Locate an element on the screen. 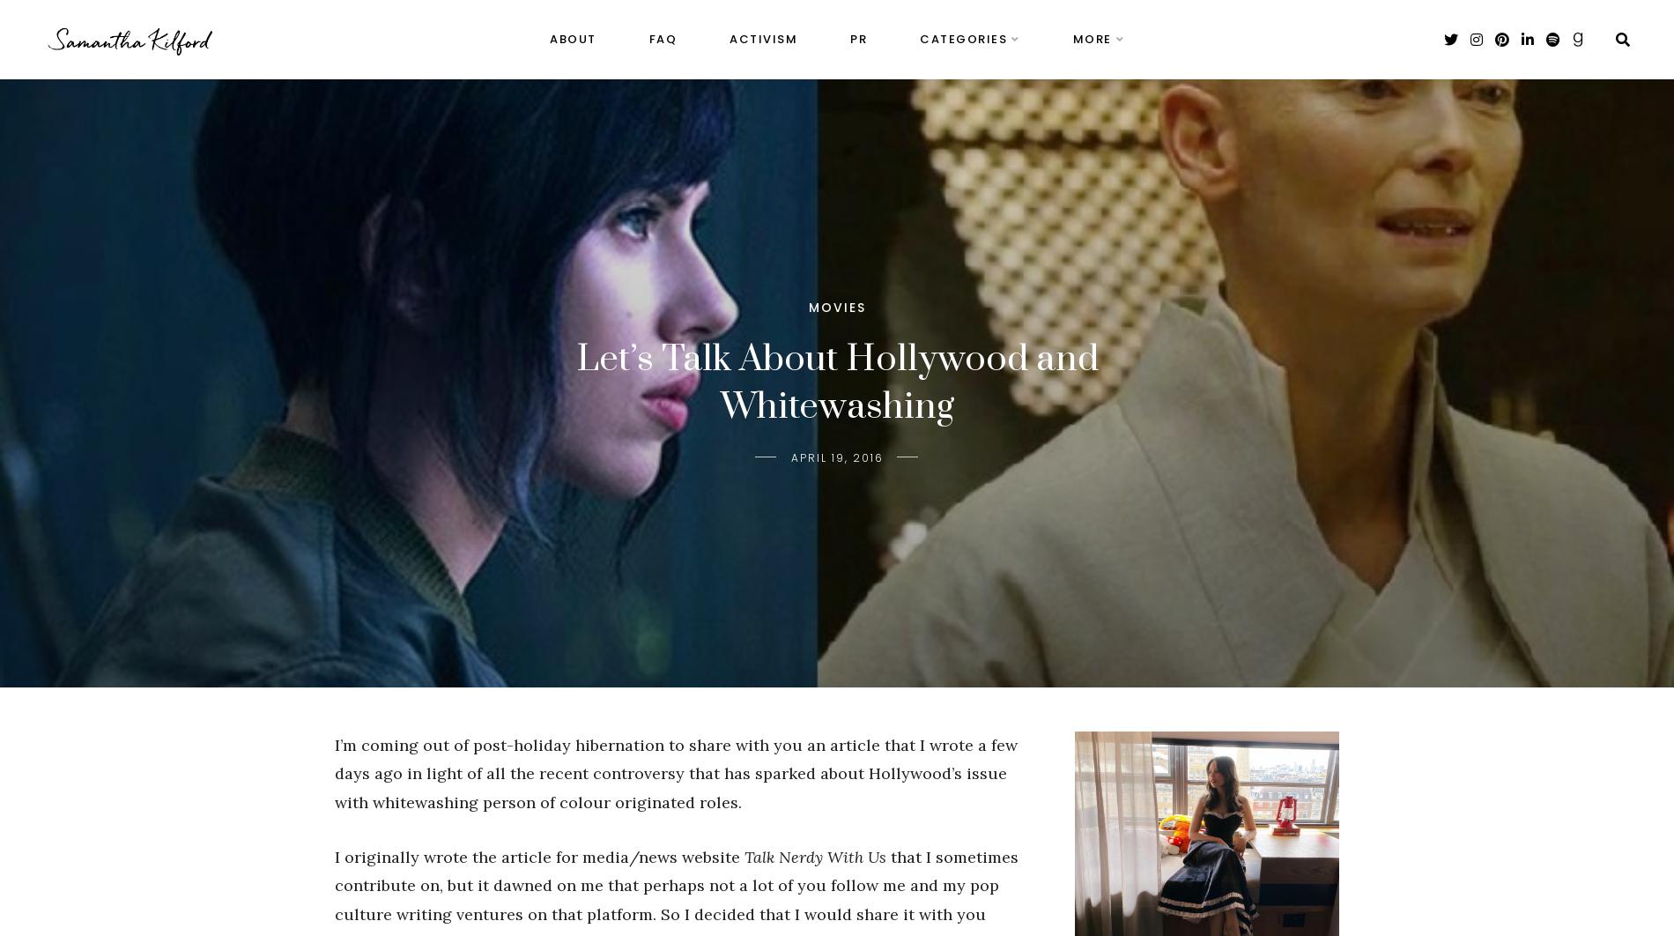 The height and width of the screenshot is (936, 1674). 'Let’s Talk About Hollywood and Whitewashing' is located at coordinates (835, 382).